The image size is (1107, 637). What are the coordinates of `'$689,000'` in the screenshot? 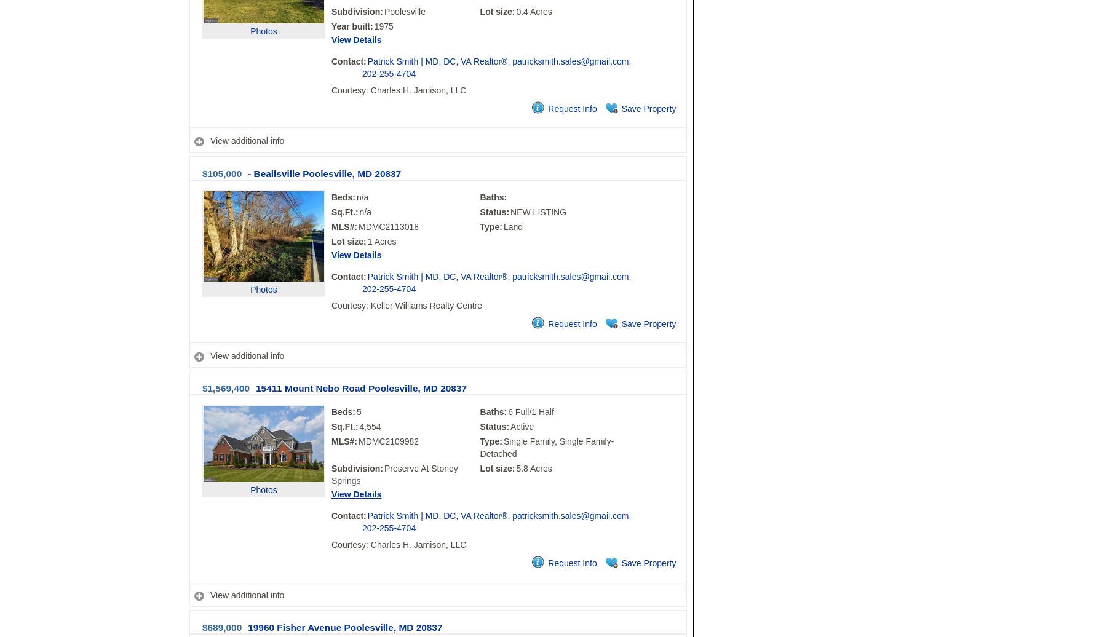 It's located at (222, 627).